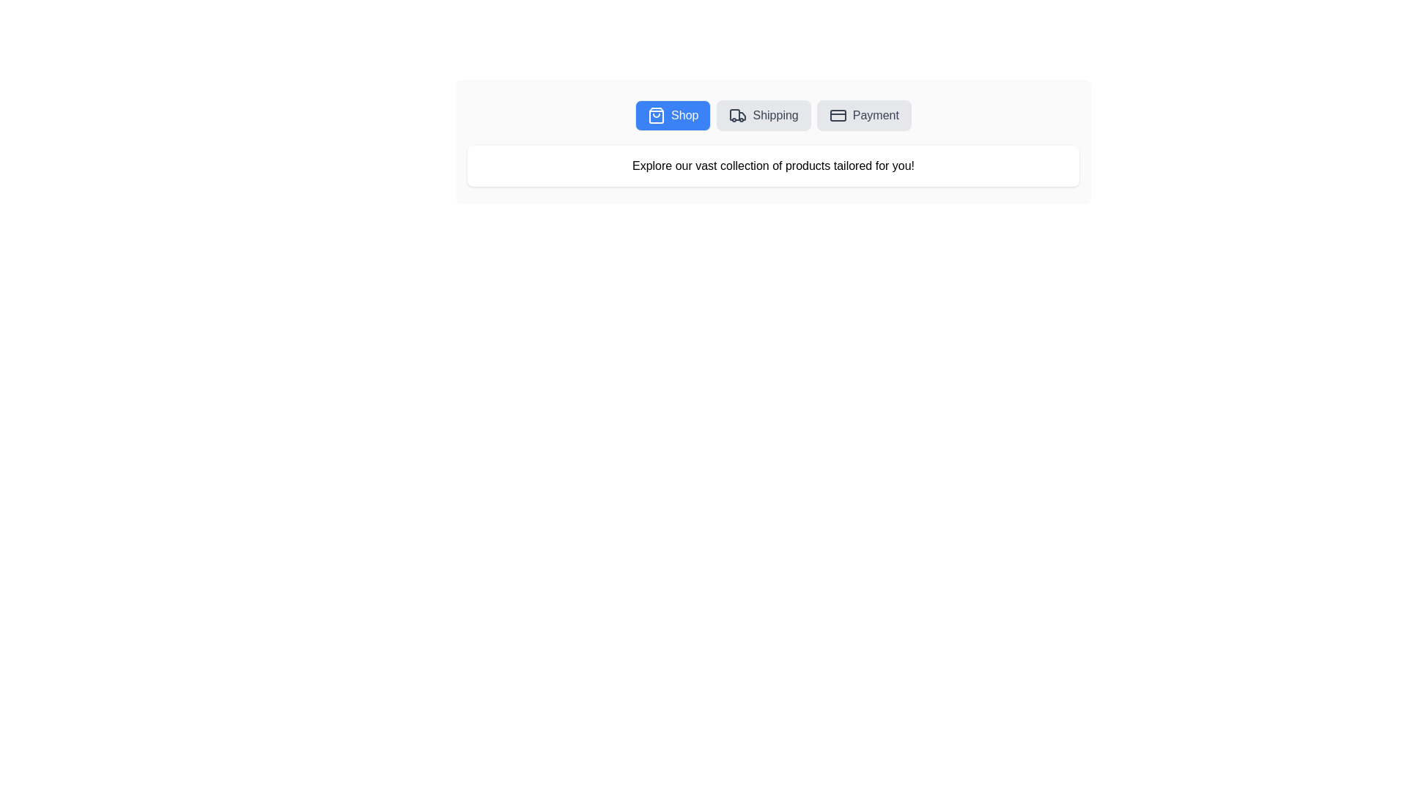  What do you see at coordinates (738, 115) in the screenshot?
I see `the shipping icon located to the left of the 'Shipping' text` at bounding box center [738, 115].